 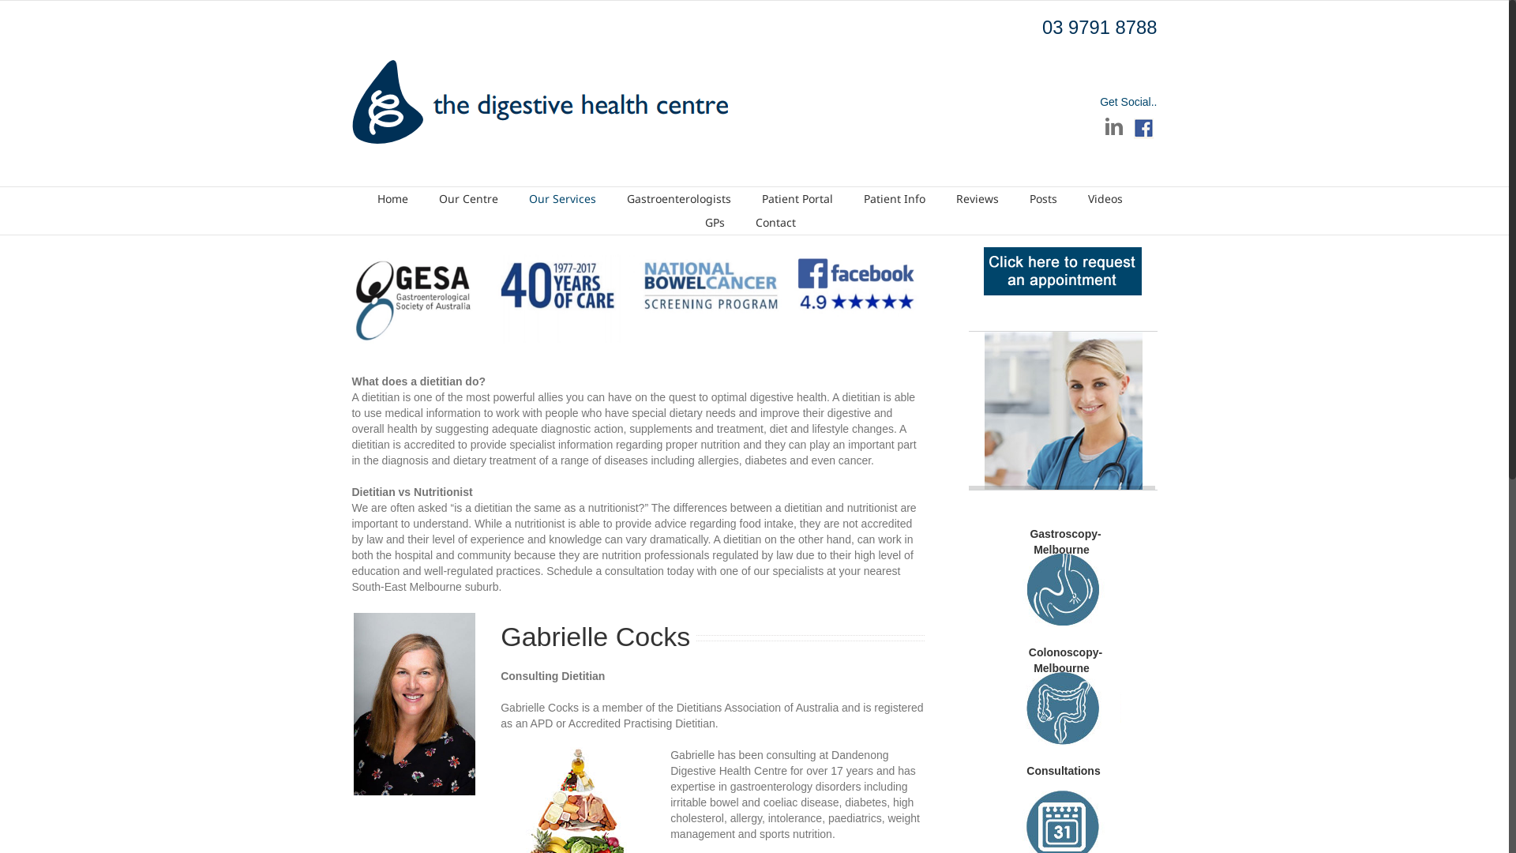 What do you see at coordinates (1113, 125) in the screenshot?
I see `'LinkedIn'` at bounding box center [1113, 125].